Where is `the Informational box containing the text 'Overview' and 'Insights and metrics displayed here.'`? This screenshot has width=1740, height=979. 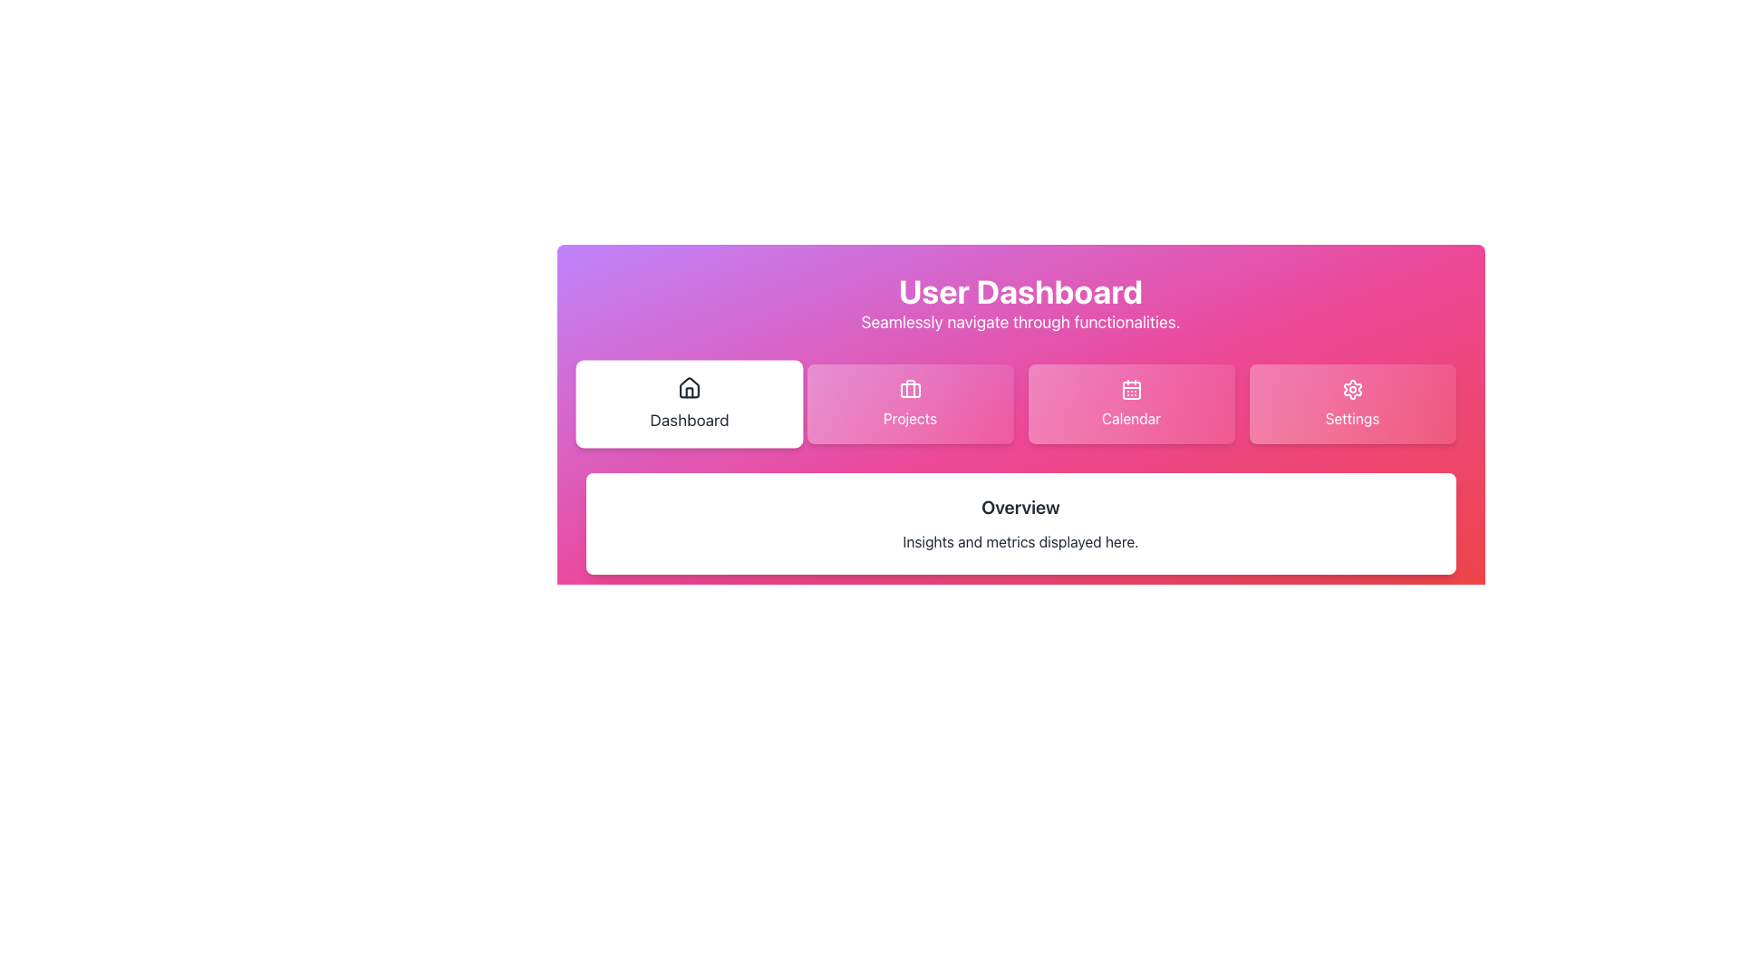
the Informational box containing the text 'Overview' and 'Insights and metrics displayed here.' is located at coordinates (1020, 524).